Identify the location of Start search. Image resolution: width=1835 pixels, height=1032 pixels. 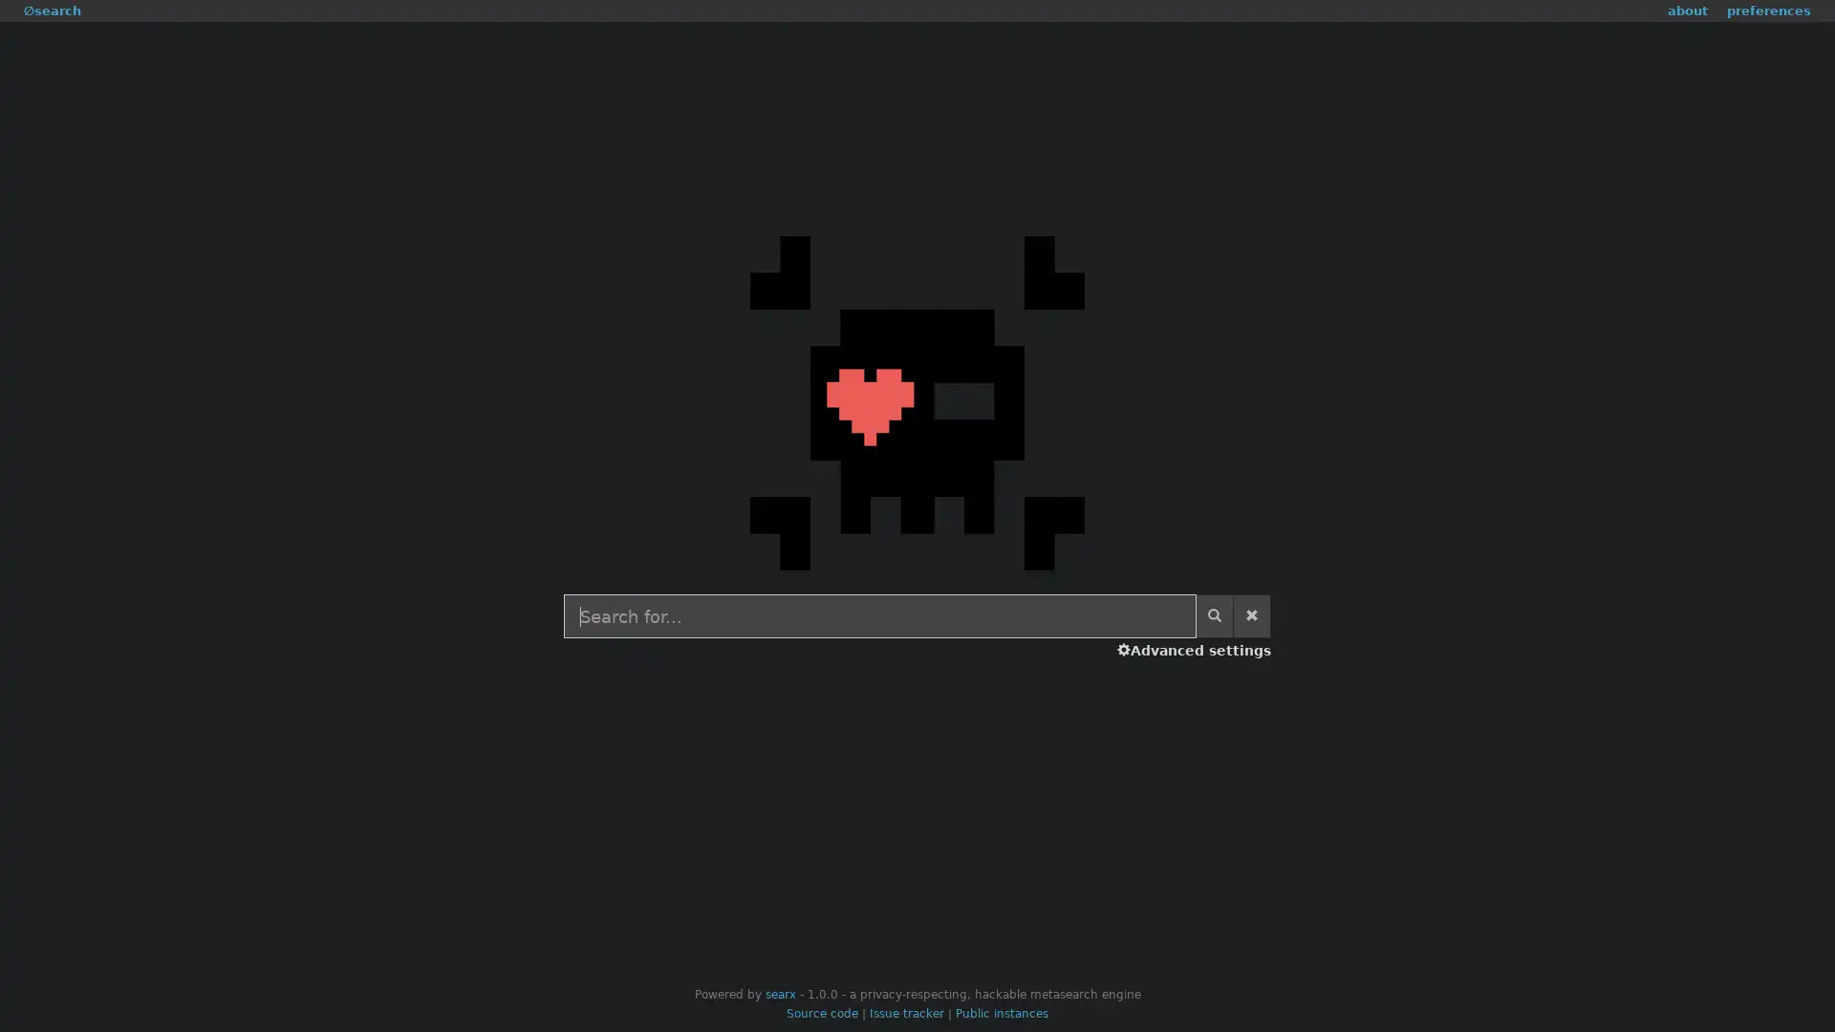
(1214, 615).